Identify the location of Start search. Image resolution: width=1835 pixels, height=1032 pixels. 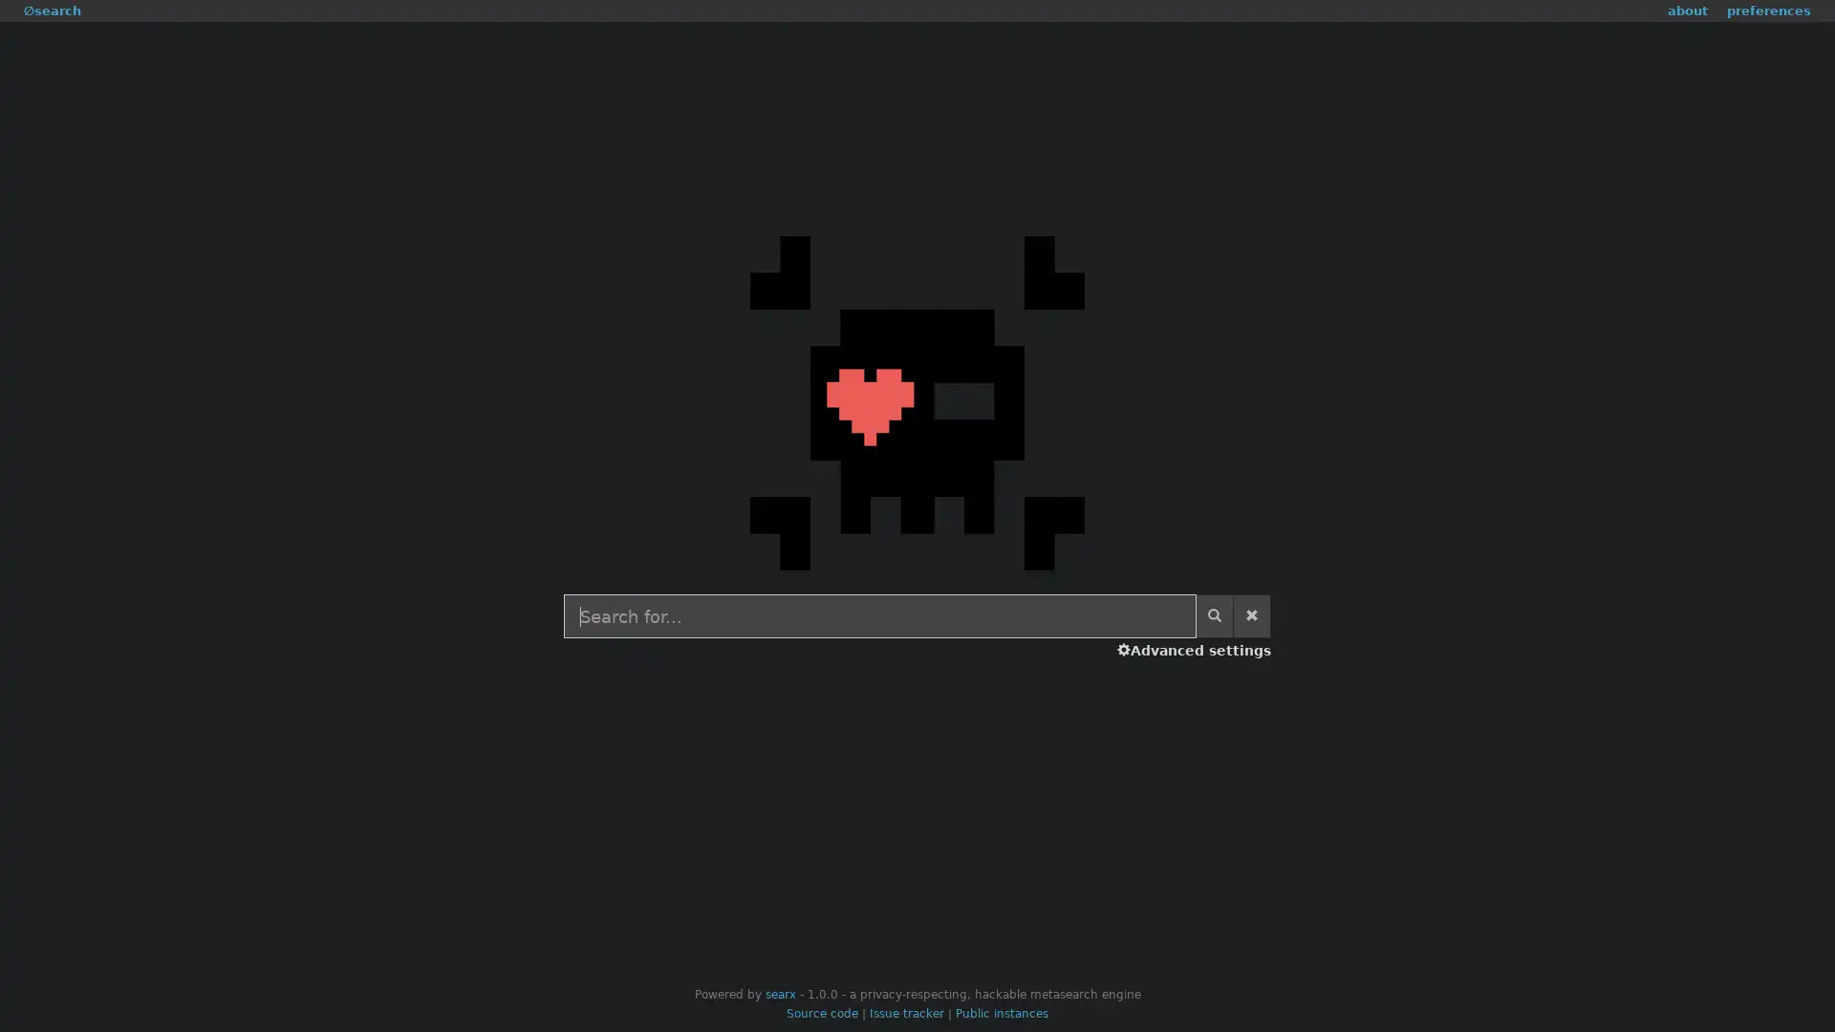
(1214, 615).